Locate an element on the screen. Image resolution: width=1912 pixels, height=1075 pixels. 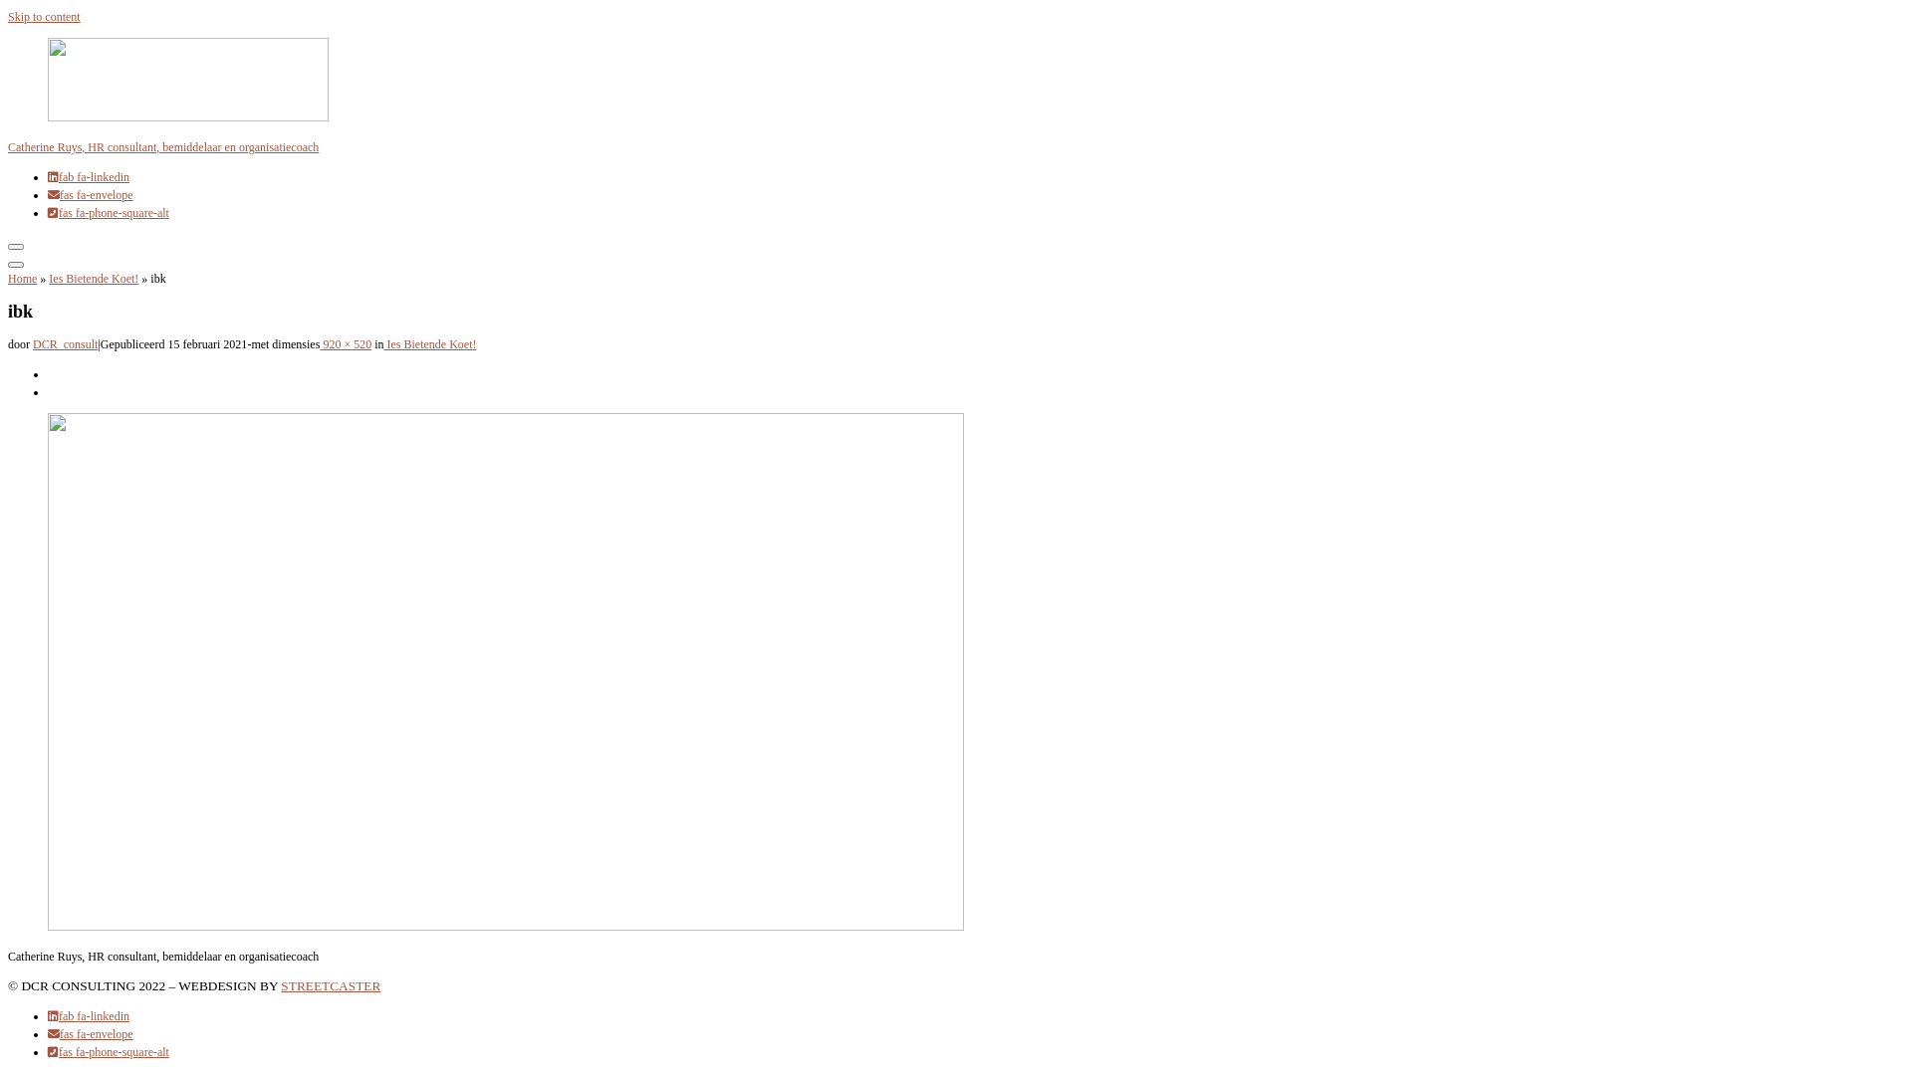
'Ies Bietende Koet!' is located at coordinates (429, 343).